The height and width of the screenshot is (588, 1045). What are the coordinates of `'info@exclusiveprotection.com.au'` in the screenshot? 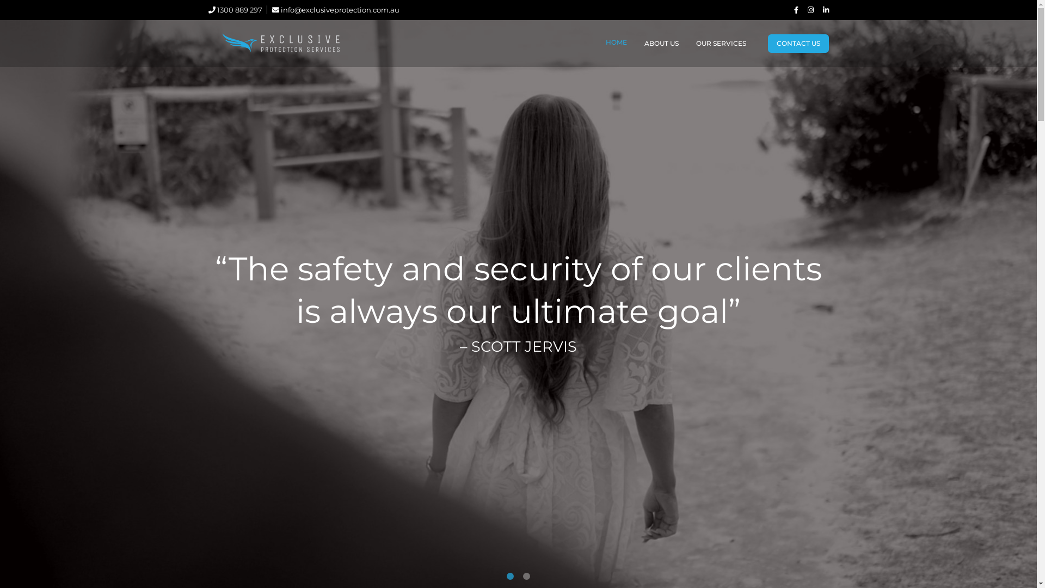 It's located at (335, 10).